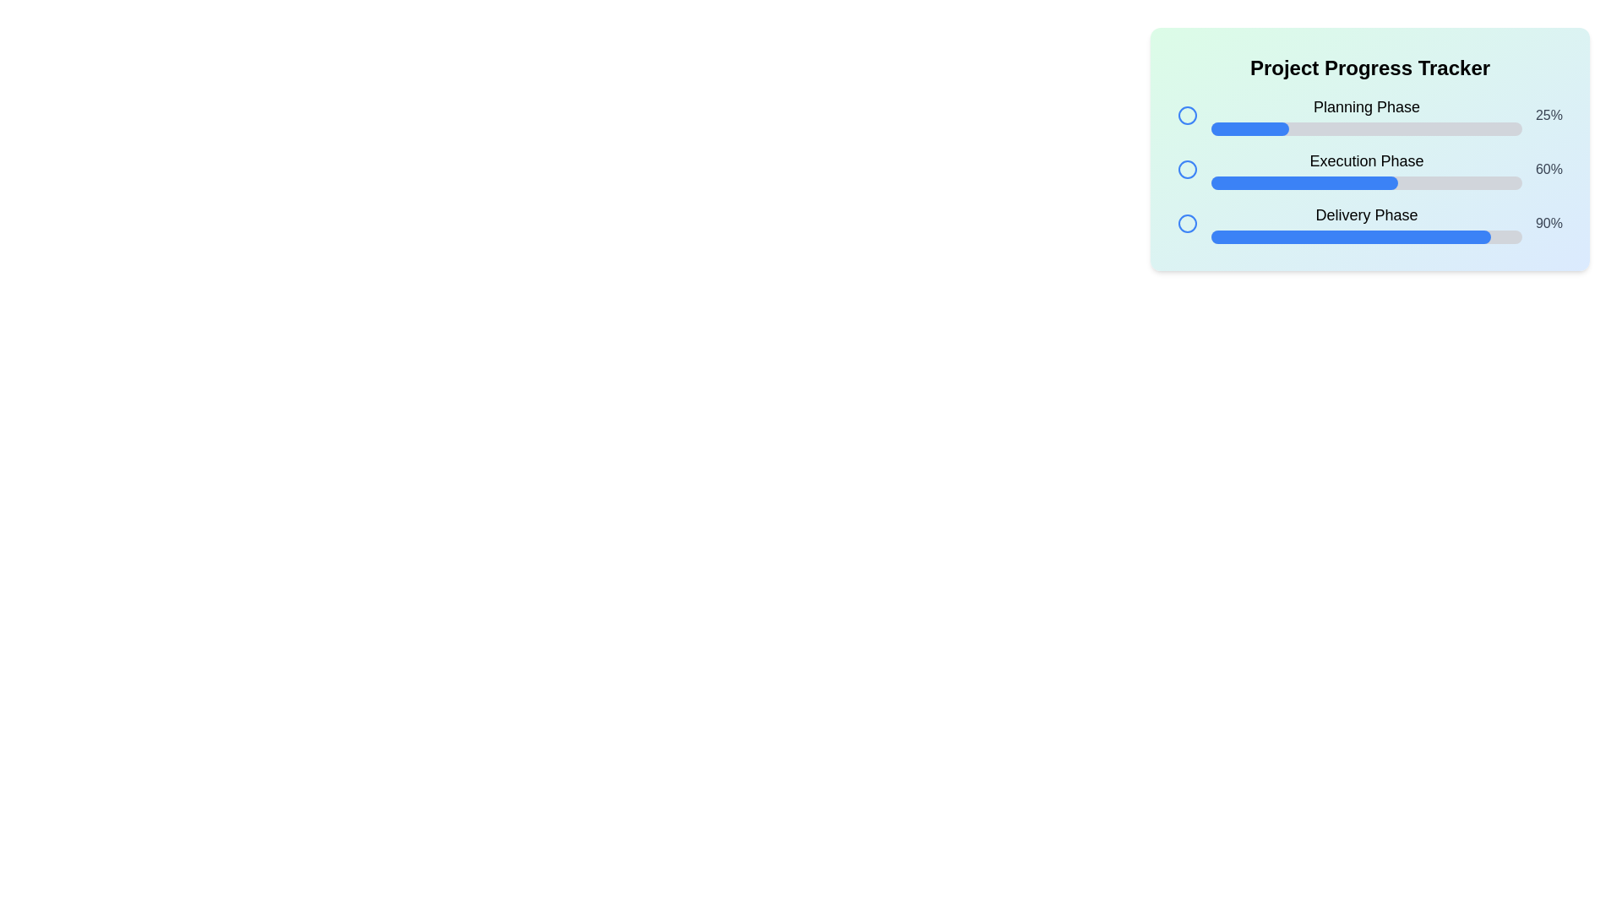 The width and height of the screenshot is (1622, 912). What do you see at coordinates (1549, 115) in the screenshot?
I see `static text label indicating the completion percentage of the 'Planning Phase', located at the far right of the progress bar` at bounding box center [1549, 115].